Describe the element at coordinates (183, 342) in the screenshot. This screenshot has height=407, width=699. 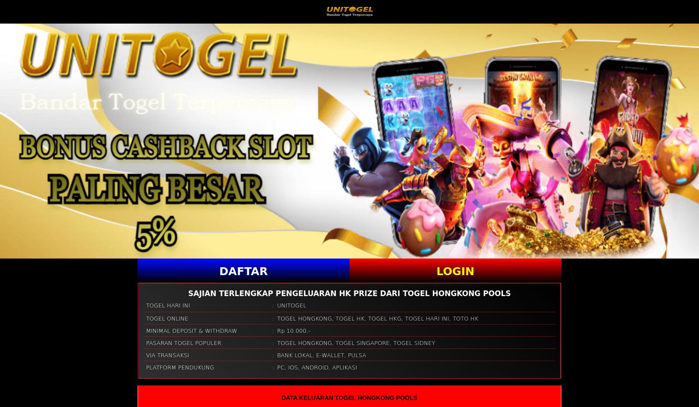
I see `'PASARAN TOGEL POPULER'` at that location.